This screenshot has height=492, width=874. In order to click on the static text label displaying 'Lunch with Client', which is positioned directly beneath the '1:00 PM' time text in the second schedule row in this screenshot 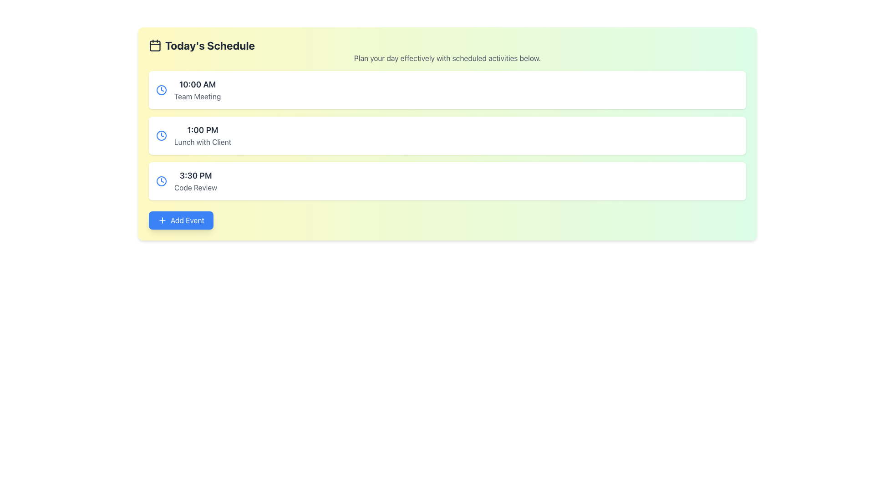, I will do `click(202, 142)`.